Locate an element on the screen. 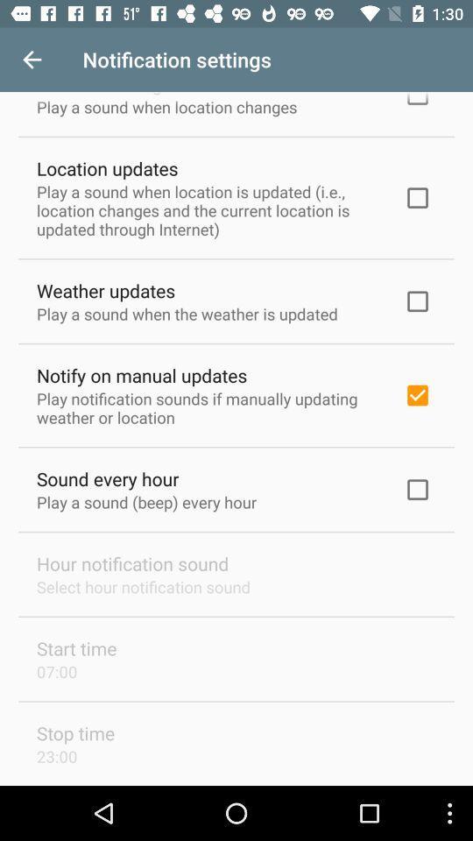  item below select hour notification is located at coordinates (75, 647).